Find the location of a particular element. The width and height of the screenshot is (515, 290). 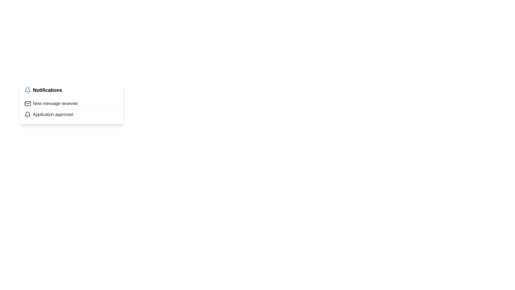

the notification icon that visually indicates a new message, which is located to the left of the text 'New message received' is located at coordinates (27, 103).